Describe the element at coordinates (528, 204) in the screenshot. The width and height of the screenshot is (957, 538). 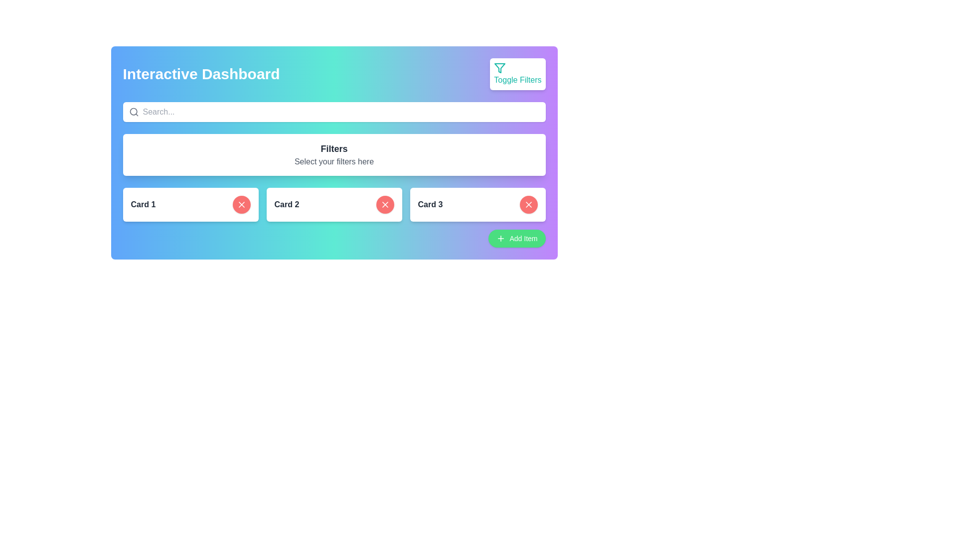
I see `the small 'X' icon button with a red background and white text, located at the top-right corner of 'Card 2'` at that location.